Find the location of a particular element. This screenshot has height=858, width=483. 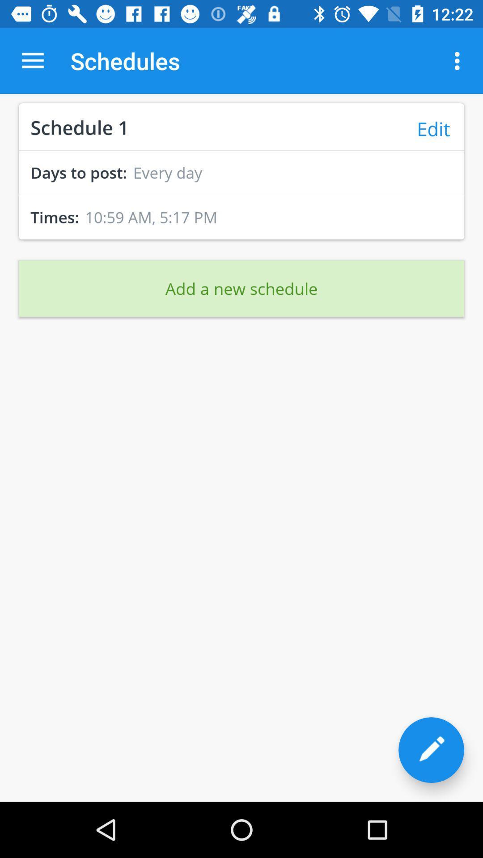

item above edit item is located at coordinates (459, 60).